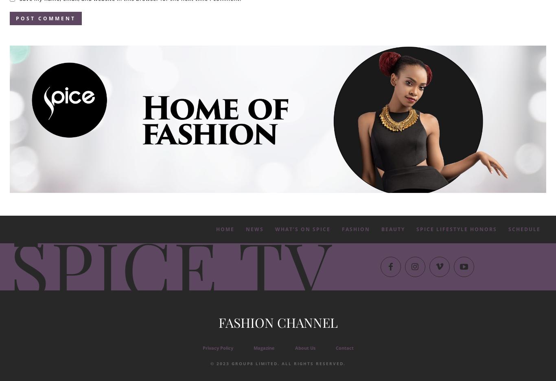 The height and width of the screenshot is (381, 556). What do you see at coordinates (303, 229) in the screenshot?
I see `'What’s On Spice'` at bounding box center [303, 229].